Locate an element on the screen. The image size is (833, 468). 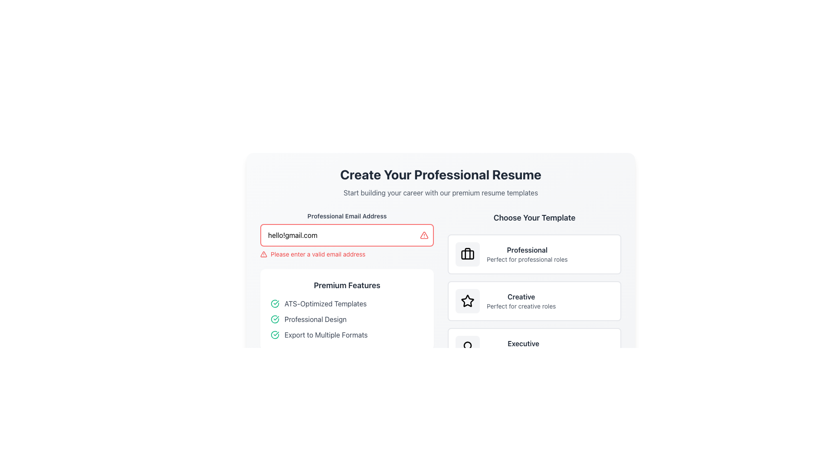
description of the 'Creative' template option, which is the second template displayed under the 'Choose Your Template' section, located below the 'Professional' option and above the 'Executive' option is located at coordinates (521, 300).